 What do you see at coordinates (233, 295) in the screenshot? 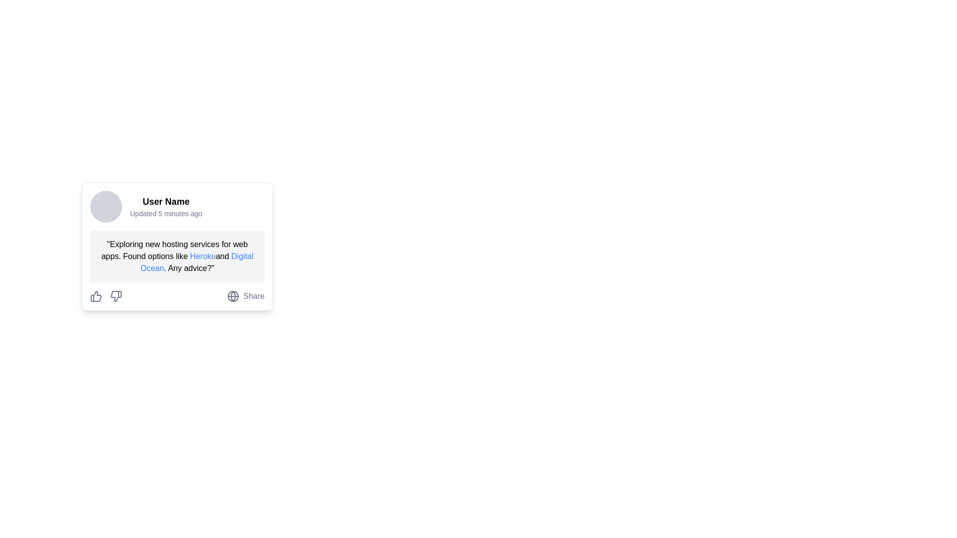
I see `the circular SVG element that is part of a globe icon located at the bottom right of a user post card` at bounding box center [233, 295].